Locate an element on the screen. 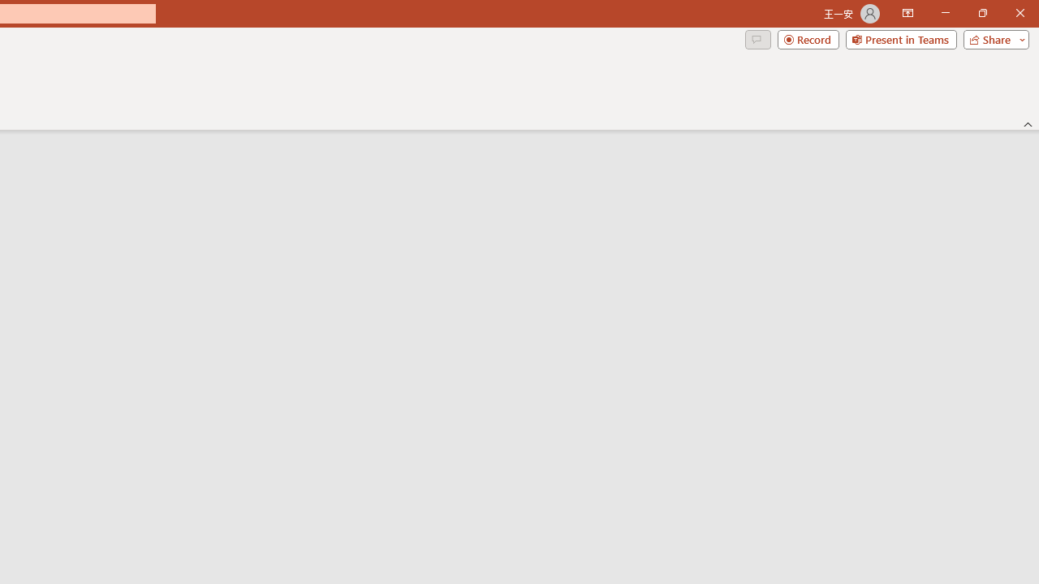  'Comments' is located at coordinates (757, 38).